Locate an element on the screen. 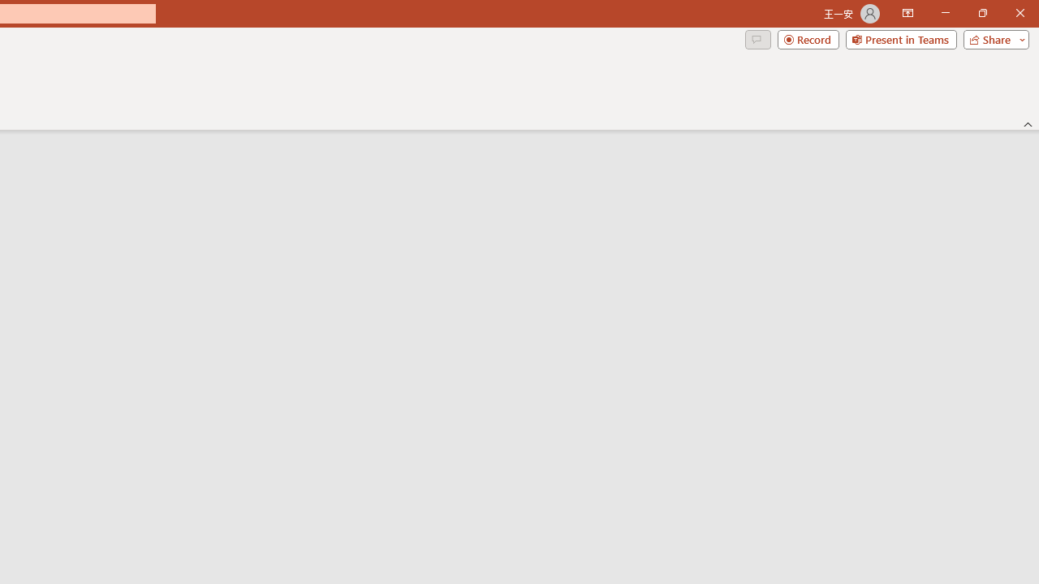  'Comments' is located at coordinates (757, 38).